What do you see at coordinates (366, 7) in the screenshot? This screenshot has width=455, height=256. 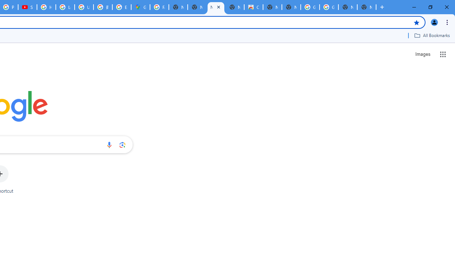 I see `'New Tab'` at bounding box center [366, 7].